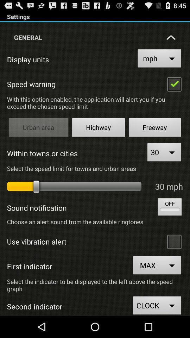  Describe the element at coordinates (171, 38) in the screenshot. I see `the arrow icon which is next to general` at that location.